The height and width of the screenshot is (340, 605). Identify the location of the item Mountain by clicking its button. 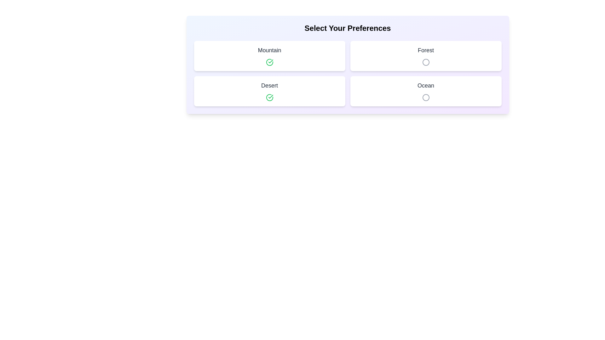
(269, 62).